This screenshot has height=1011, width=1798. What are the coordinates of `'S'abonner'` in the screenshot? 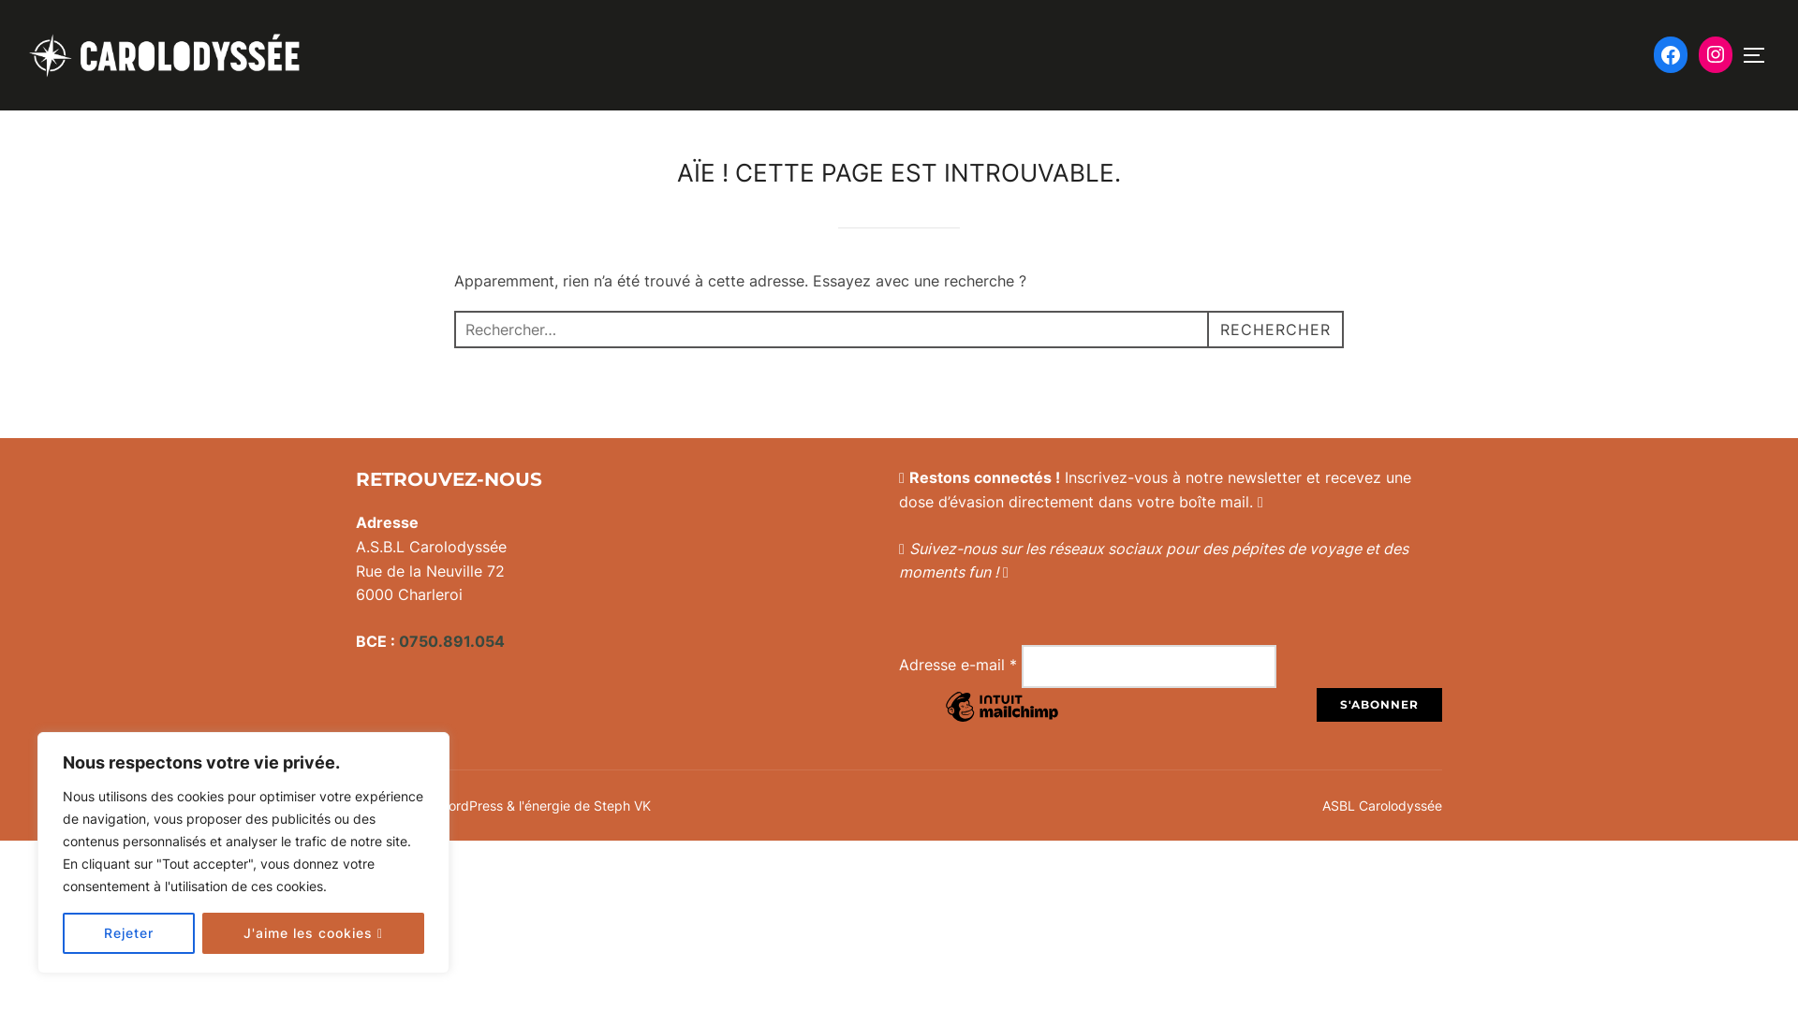 It's located at (1379, 704).